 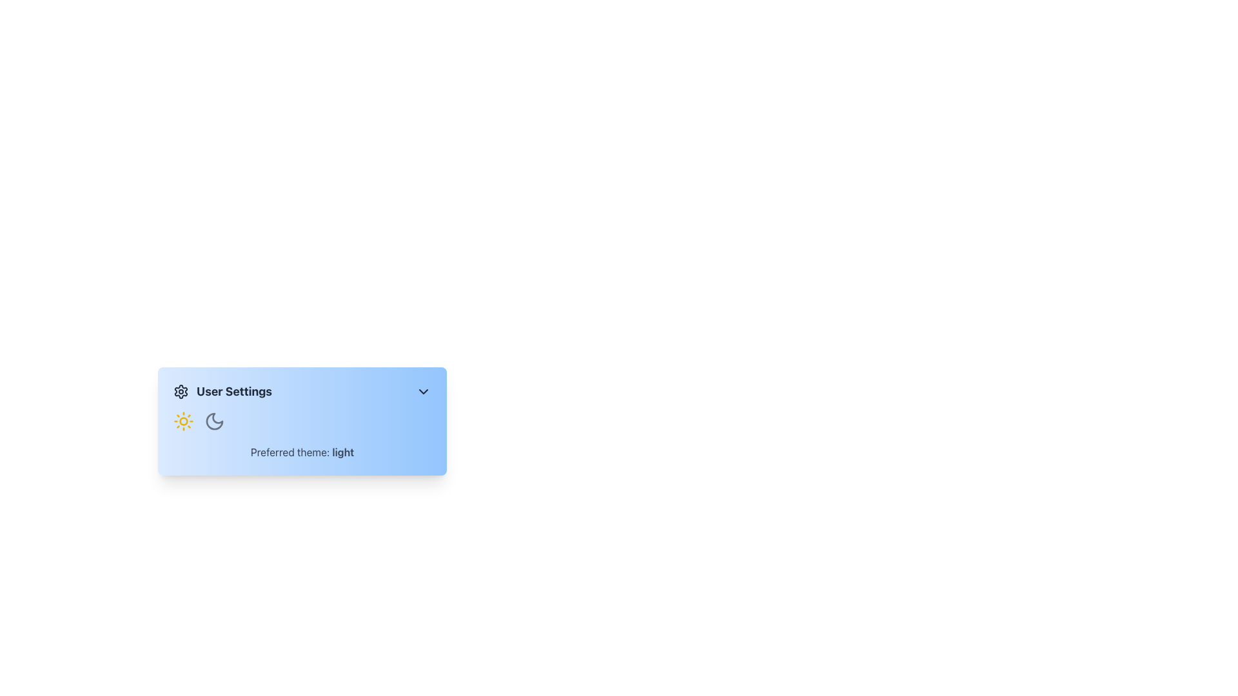 What do you see at coordinates (302, 452) in the screenshot?
I see `the text label displaying 'Preferred theme: light', which is part of the user settings dialog, located at the bottom section below the theme toggle icons` at bounding box center [302, 452].